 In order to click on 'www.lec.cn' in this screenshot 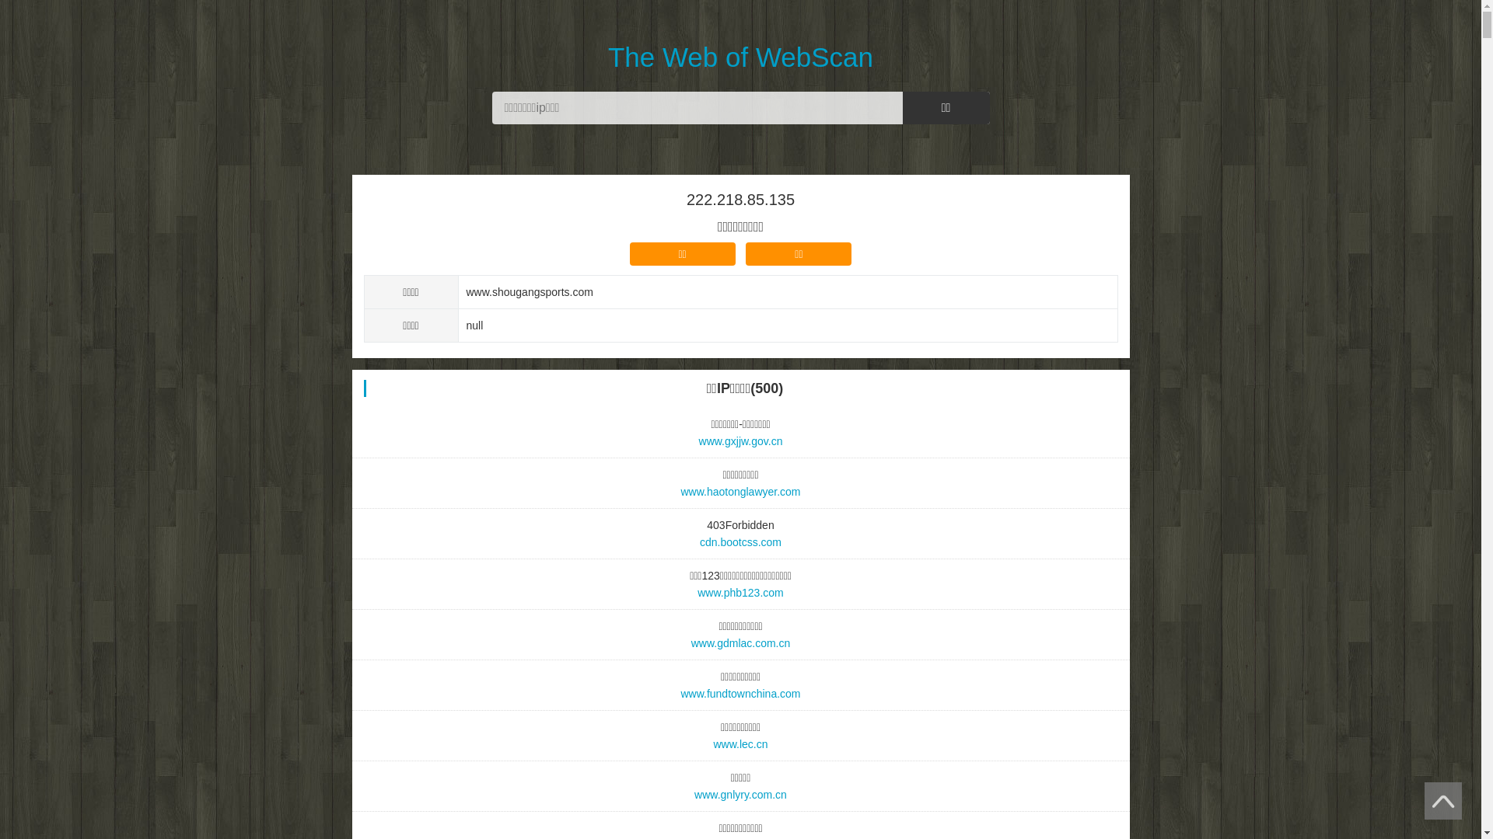, I will do `click(740, 743)`.